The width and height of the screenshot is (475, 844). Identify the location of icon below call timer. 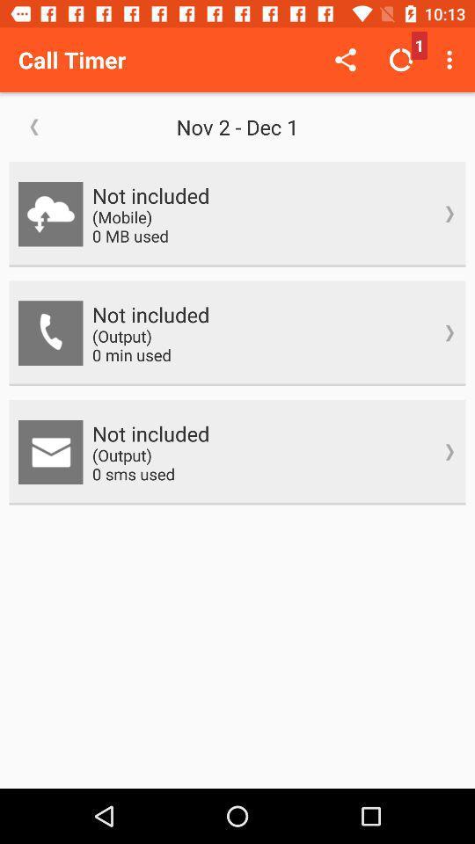
(34, 126).